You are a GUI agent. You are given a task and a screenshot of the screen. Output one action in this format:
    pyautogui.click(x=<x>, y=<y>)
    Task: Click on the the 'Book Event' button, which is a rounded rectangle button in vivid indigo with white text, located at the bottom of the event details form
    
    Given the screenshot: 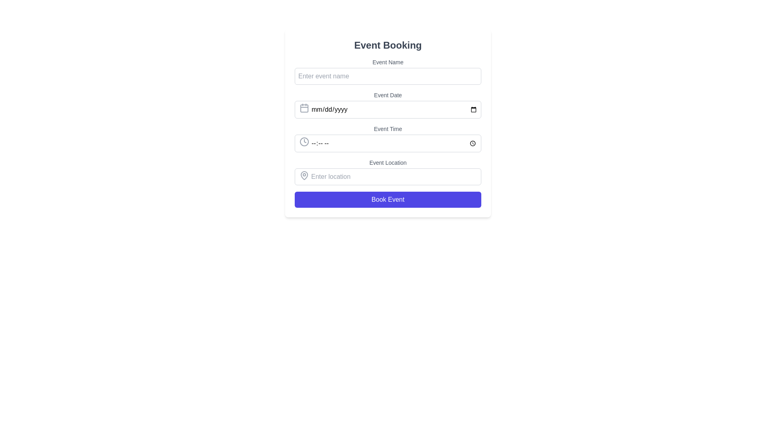 What is the action you would take?
    pyautogui.click(x=388, y=199)
    